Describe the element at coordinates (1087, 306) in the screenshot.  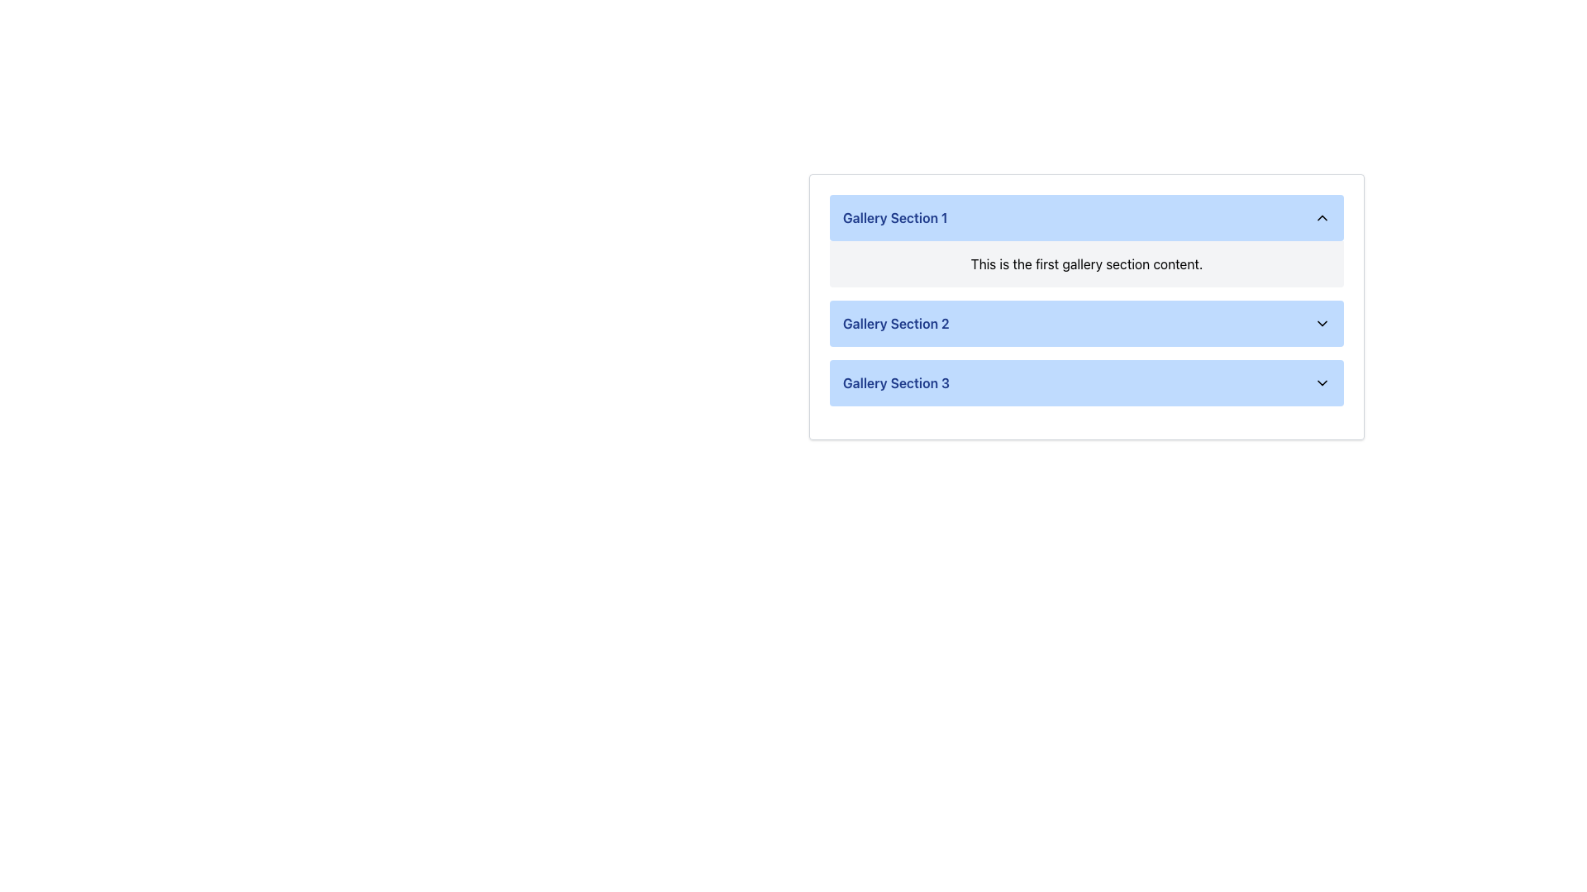
I see `the second Collapsible Section Header` at that location.